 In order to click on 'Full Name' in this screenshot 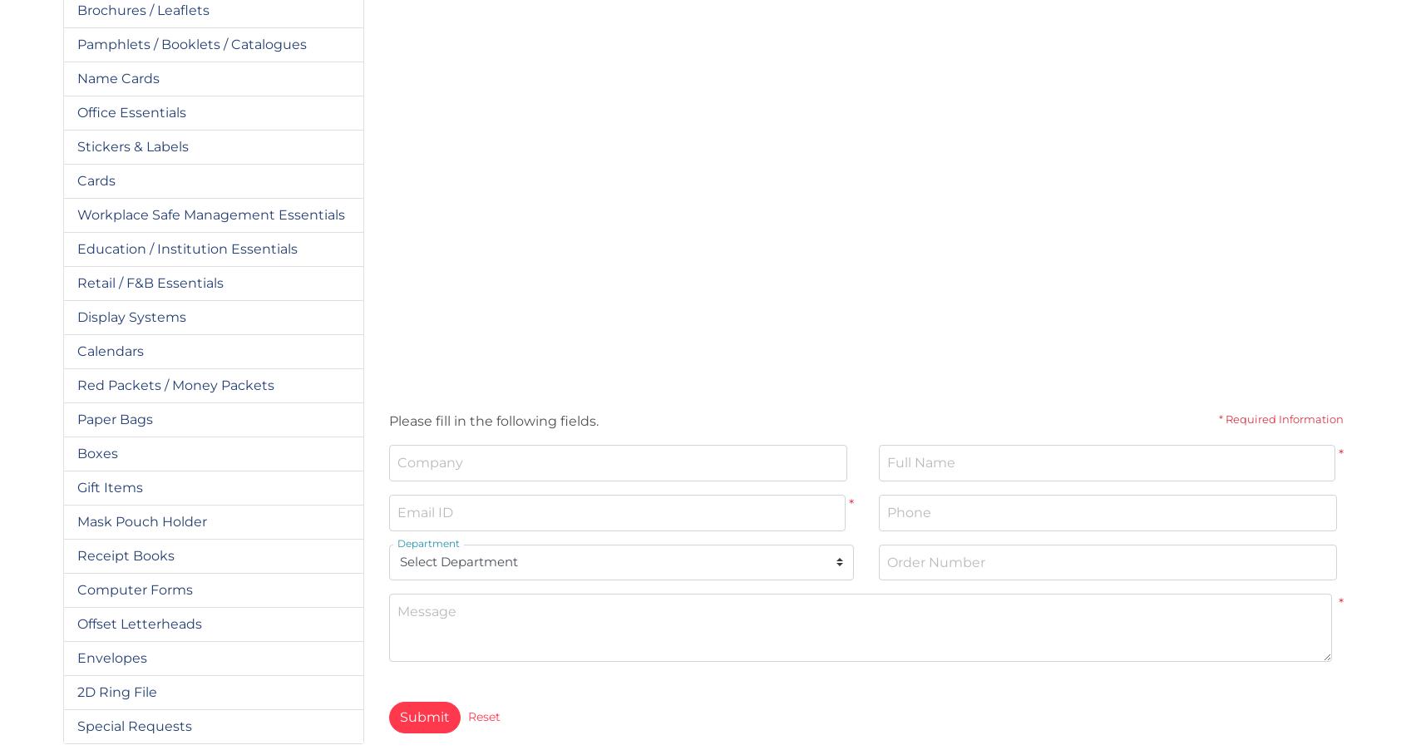, I will do `click(919, 462)`.